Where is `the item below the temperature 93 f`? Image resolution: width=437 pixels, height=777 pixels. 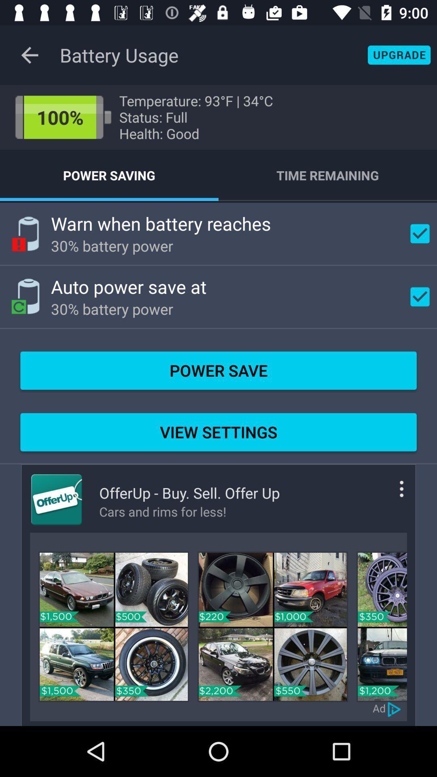
the item below the temperature 93 f is located at coordinates (328, 175).